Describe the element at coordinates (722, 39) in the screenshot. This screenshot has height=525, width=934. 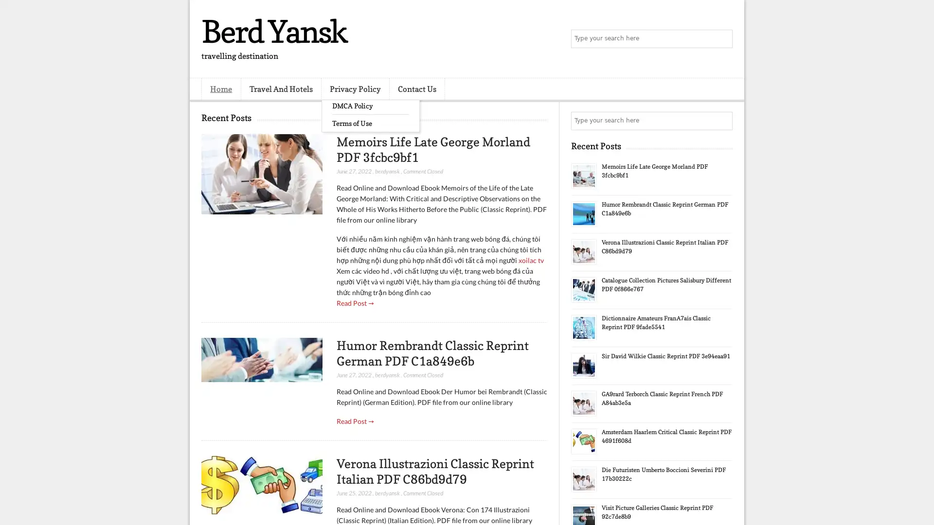
I see `Search` at that location.